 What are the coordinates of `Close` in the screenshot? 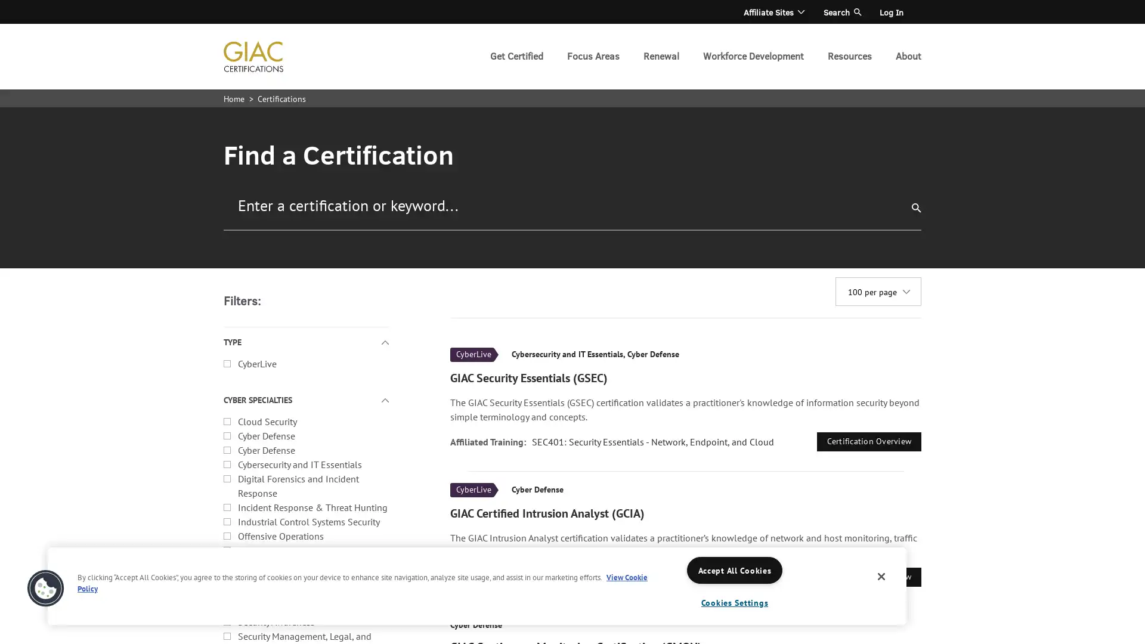 It's located at (881, 576).